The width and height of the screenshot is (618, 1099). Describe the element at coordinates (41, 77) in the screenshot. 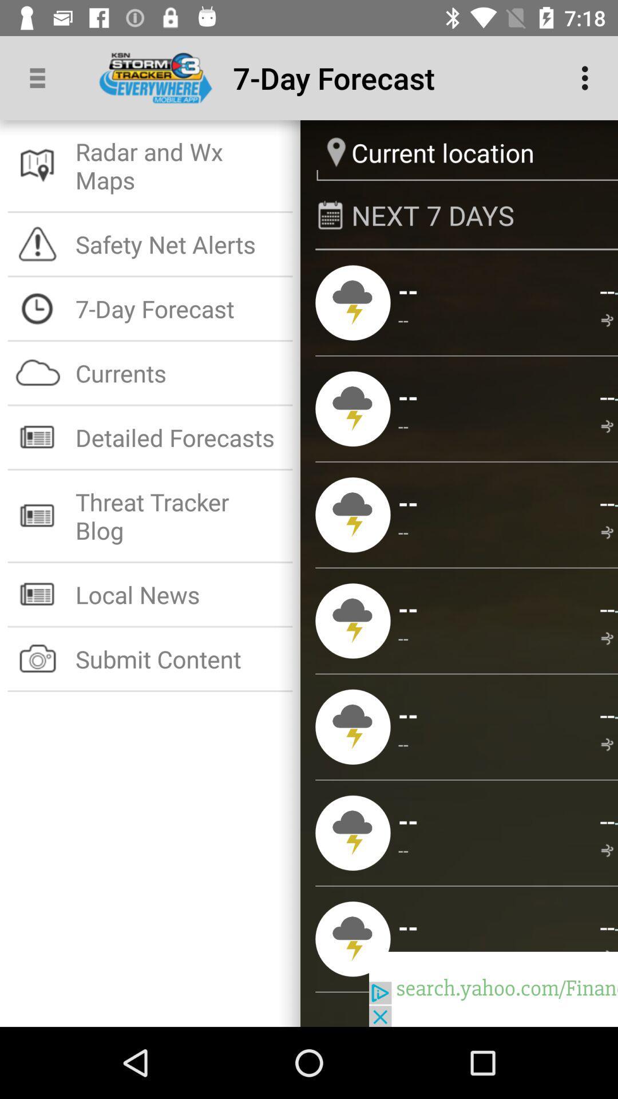

I see `app above the radar and wx app` at that location.